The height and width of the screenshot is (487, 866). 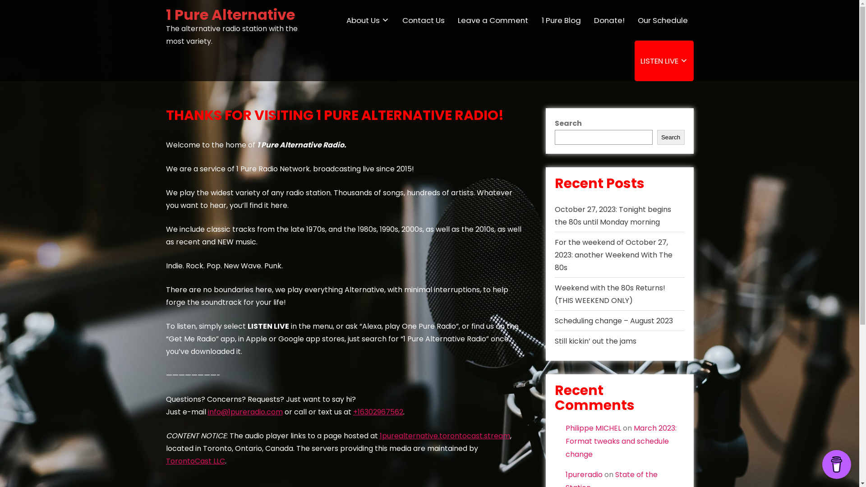 What do you see at coordinates (664, 61) in the screenshot?
I see `'LISTEN LIVE'` at bounding box center [664, 61].